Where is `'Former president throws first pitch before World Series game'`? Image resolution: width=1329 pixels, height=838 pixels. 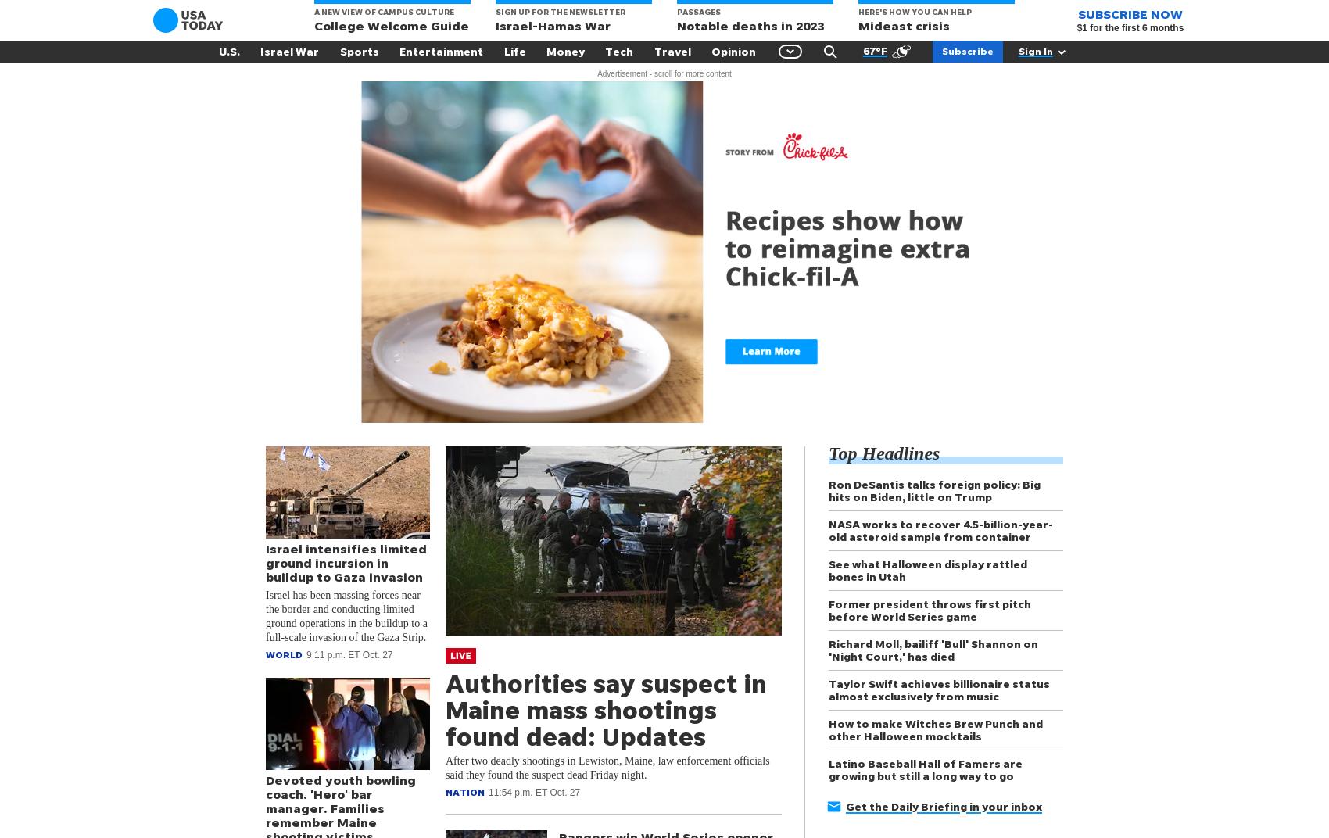
'Former president throws first pitch before World Series game' is located at coordinates (929, 610).